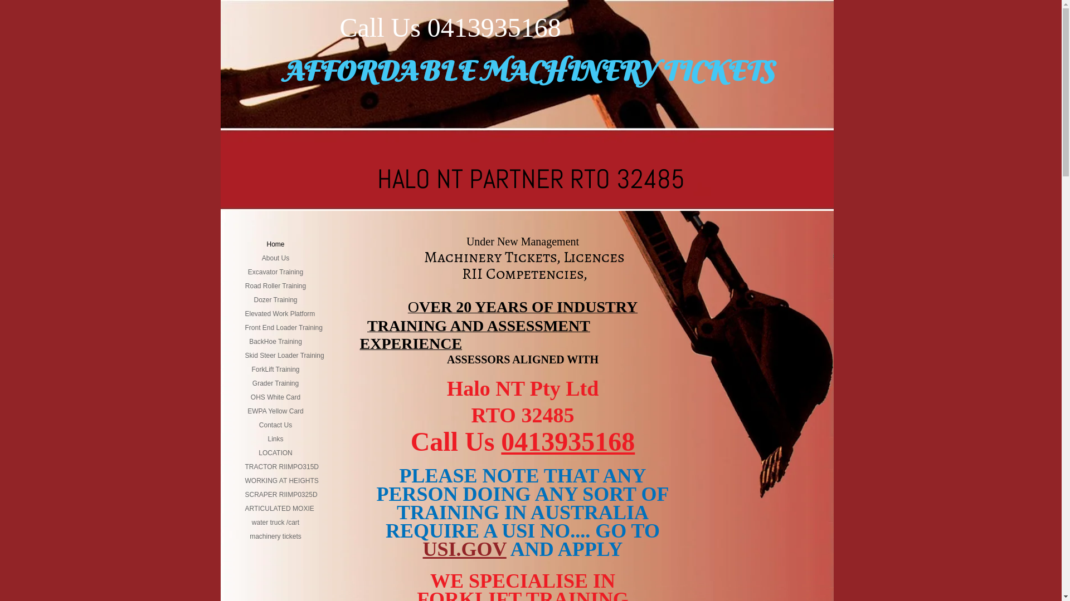 The image size is (1070, 601). I want to click on 'BackHoe Training', so click(275, 341).